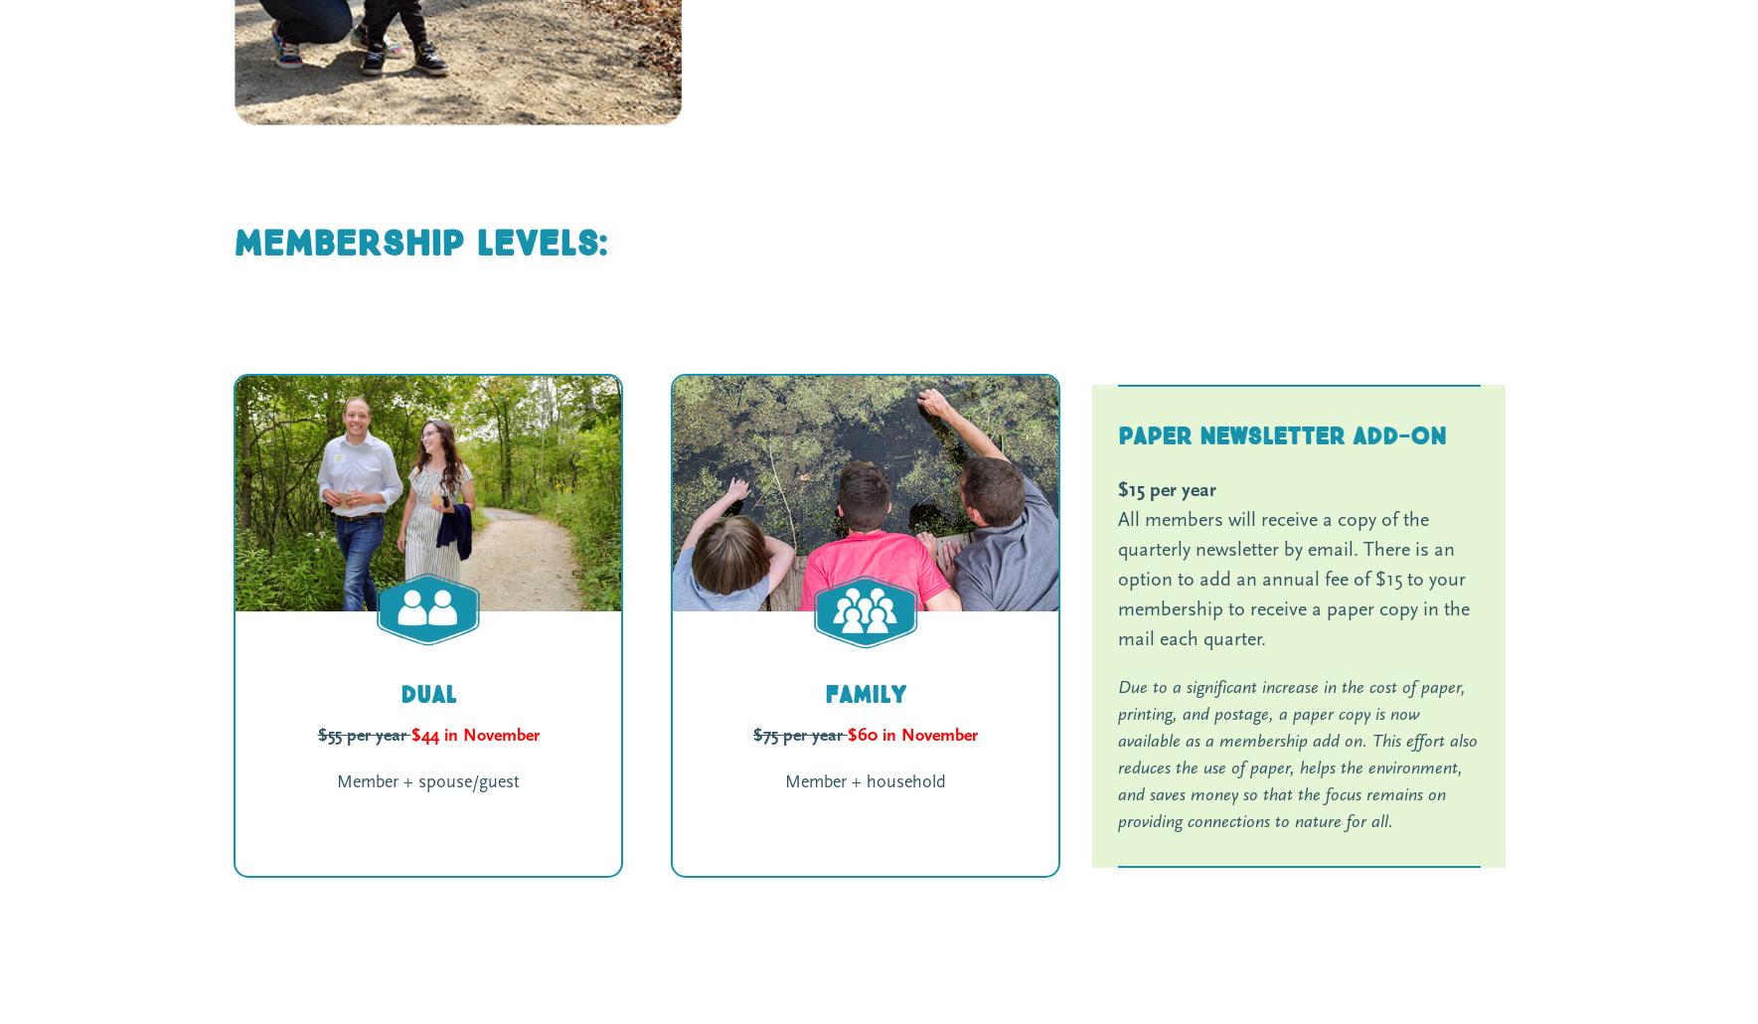  I want to click on '$60 in November', so click(847, 735).